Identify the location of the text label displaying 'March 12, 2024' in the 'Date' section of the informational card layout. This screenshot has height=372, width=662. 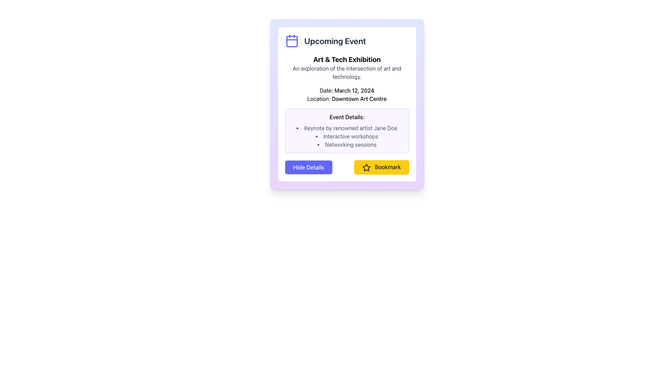
(354, 90).